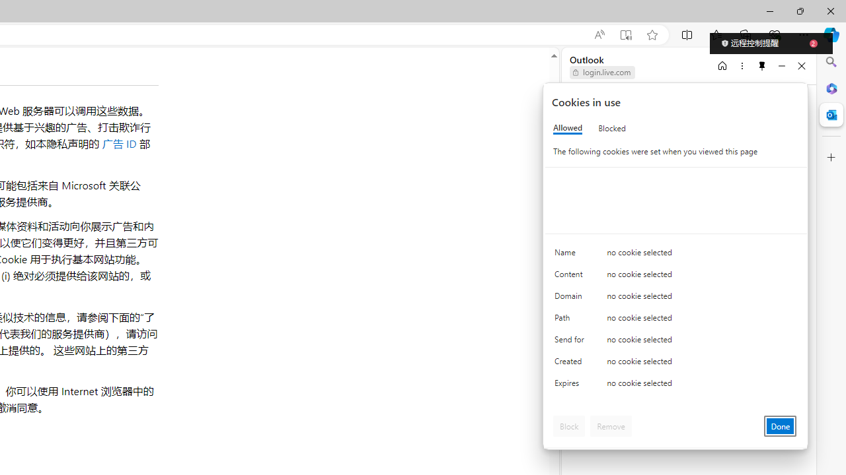 The image size is (846, 475). I want to click on 'Remove', so click(610, 426).